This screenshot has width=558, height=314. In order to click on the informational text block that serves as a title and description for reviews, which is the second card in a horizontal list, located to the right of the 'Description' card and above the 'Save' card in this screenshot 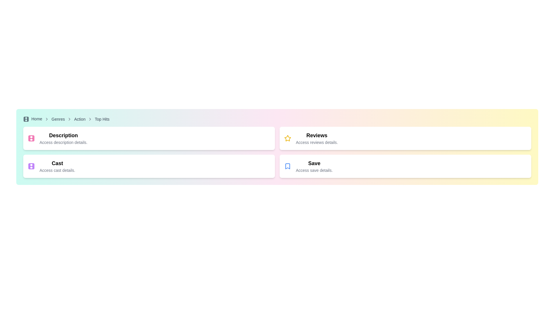, I will do `click(316, 138)`.